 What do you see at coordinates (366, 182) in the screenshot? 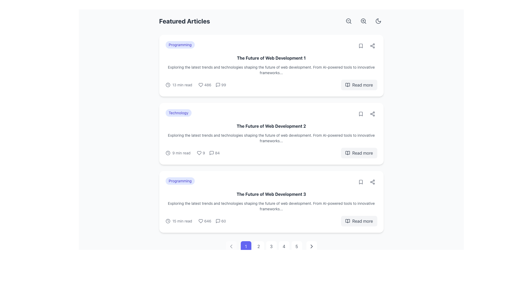
I see `the interactive icons for saving and sharing in the top-right corner of the article card titled 'The Future of Web Development 3'` at bounding box center [366, 182].